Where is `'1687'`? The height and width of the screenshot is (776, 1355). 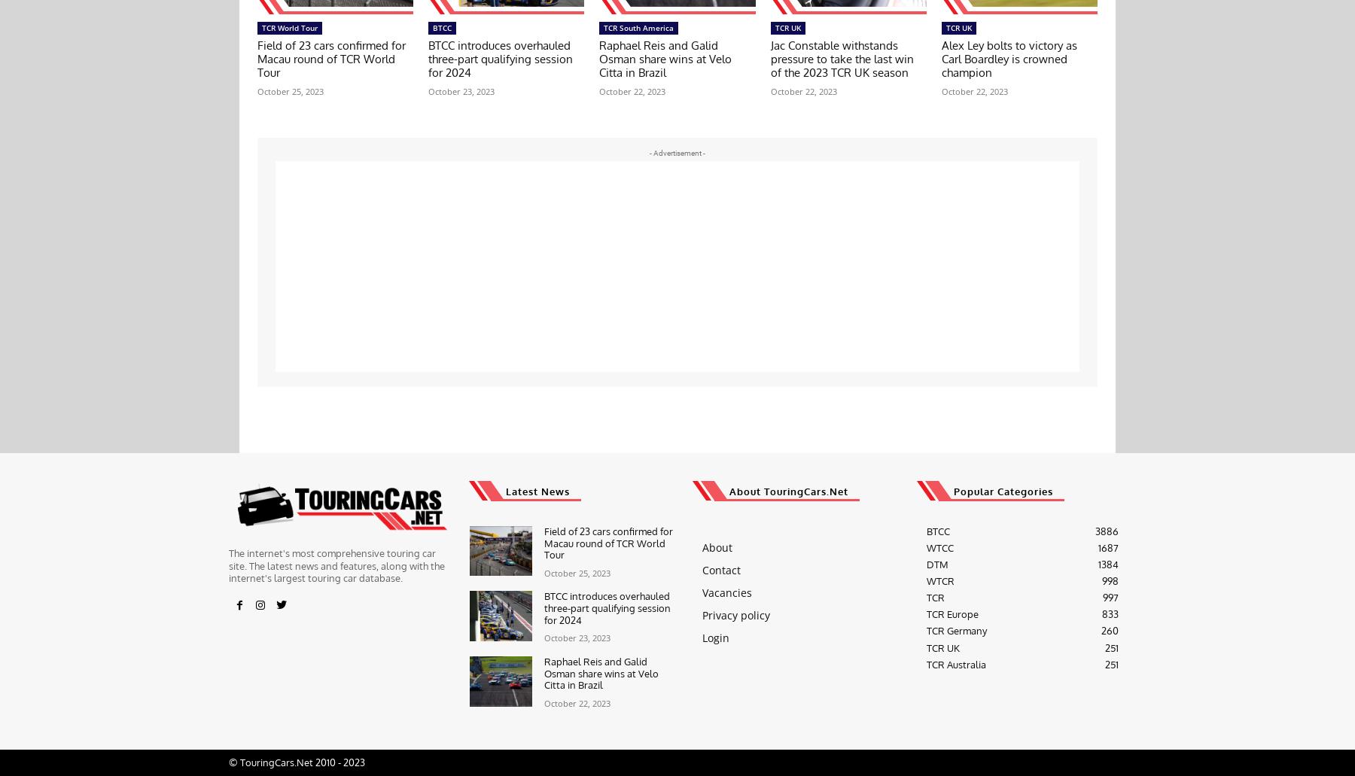 '1687' is located at coordinates (1107, 546).